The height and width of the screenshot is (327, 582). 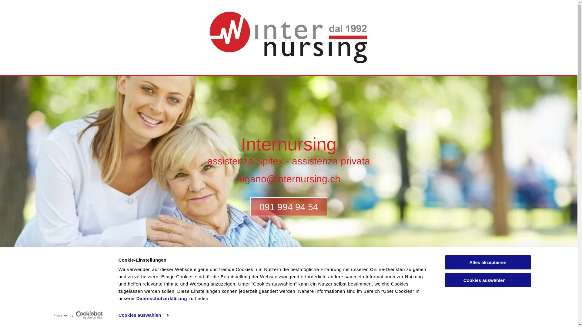 I want to click on 'Alles akzeptieren', so click(x=444, y=262).